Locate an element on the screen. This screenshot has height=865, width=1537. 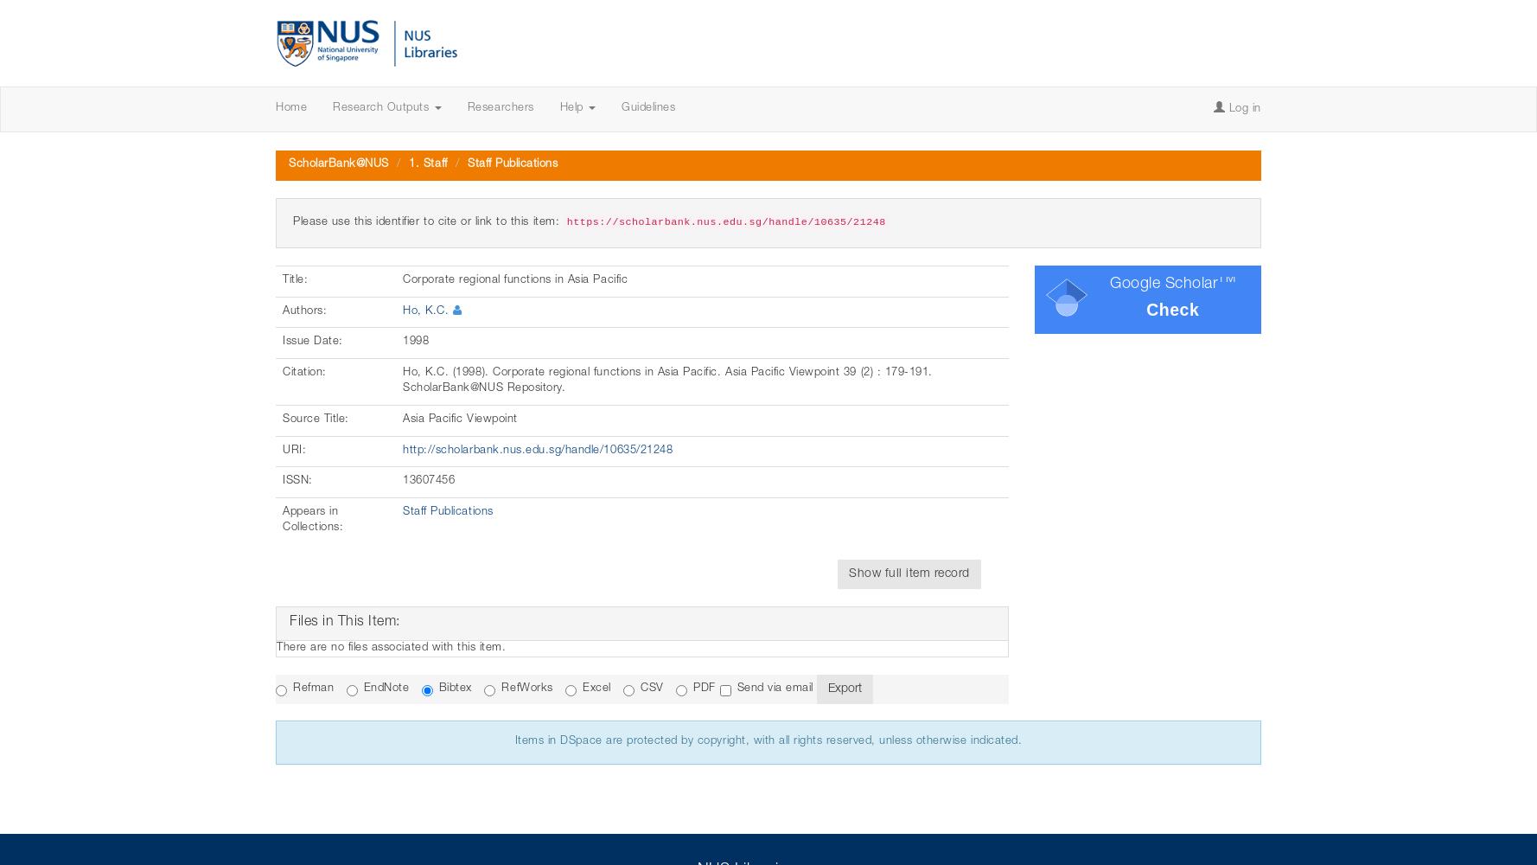
'Source Title:' is located at coordinates (316, 418).